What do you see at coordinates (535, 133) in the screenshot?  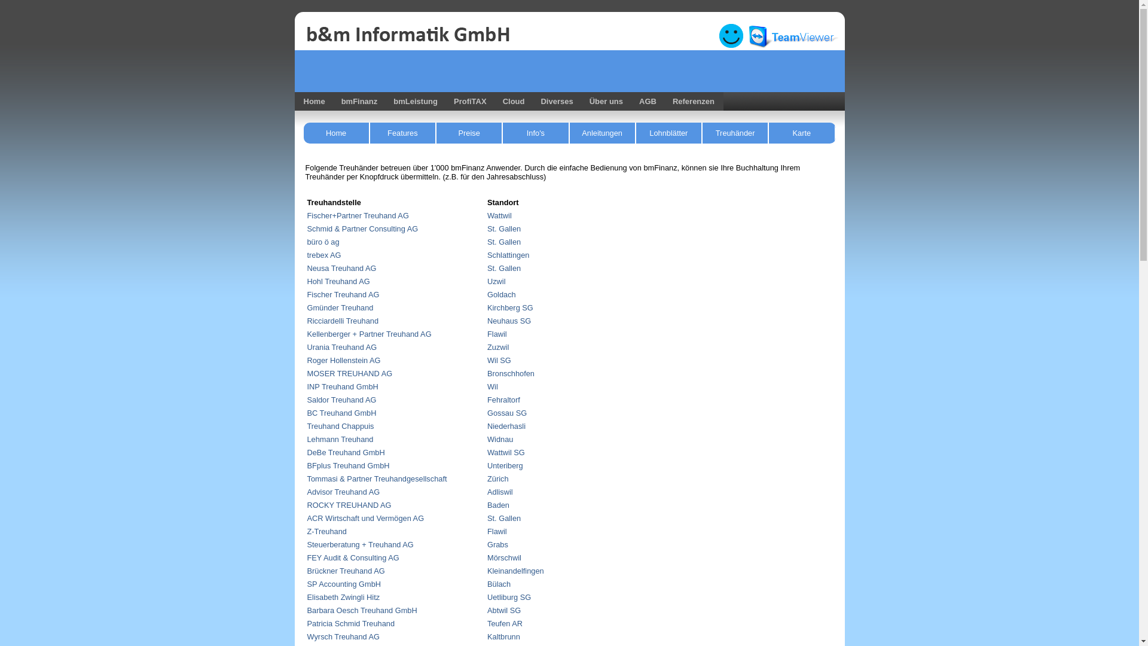 I see `'Info's'` at bounding box center [535, 133].